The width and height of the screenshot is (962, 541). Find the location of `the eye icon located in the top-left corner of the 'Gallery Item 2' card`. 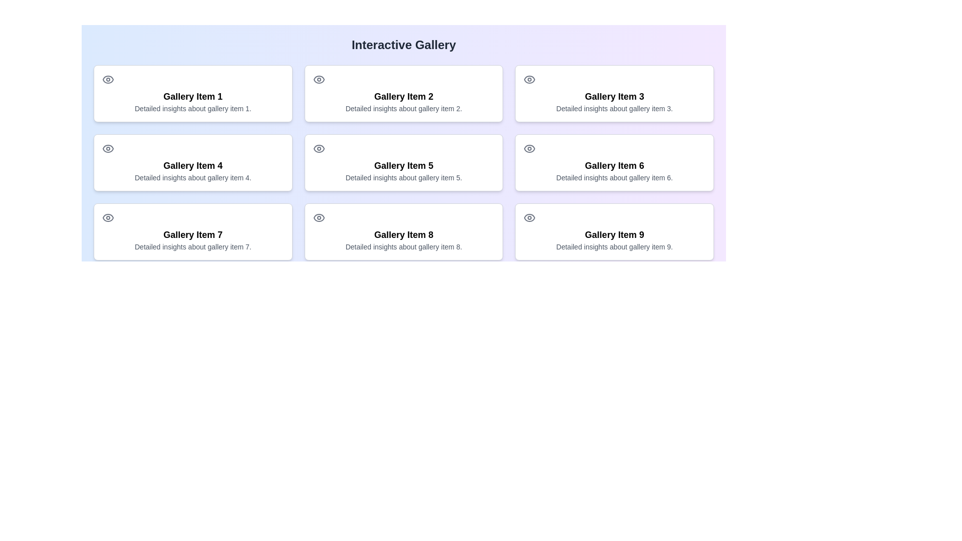

the eye icon located in the top-left corner of the 'Gallery Item 2' card is located at coordinates (318, 79).